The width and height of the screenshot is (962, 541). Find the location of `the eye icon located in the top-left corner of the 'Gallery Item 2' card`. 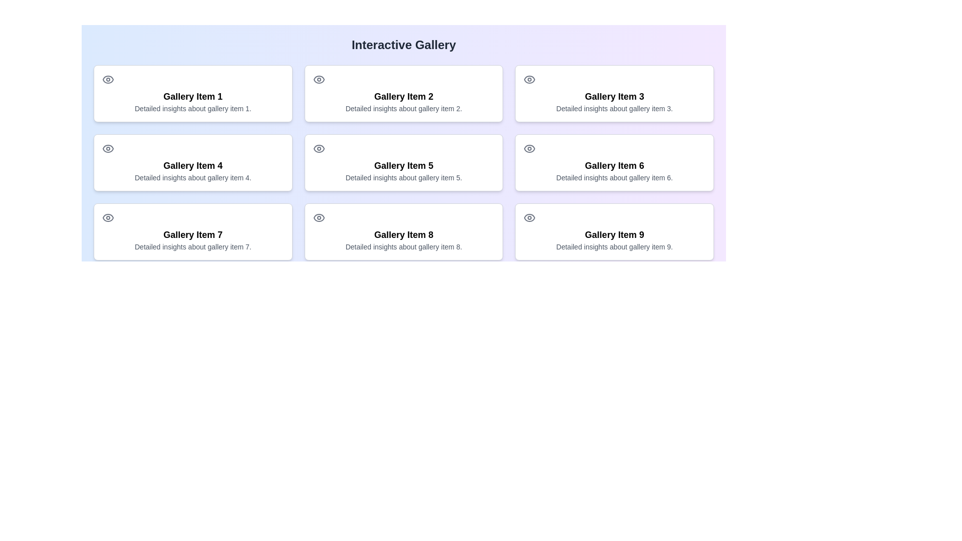

the eye icon located in the top-left corner of the 'Gallery Item 2' card is located at coordinates (318, 79).